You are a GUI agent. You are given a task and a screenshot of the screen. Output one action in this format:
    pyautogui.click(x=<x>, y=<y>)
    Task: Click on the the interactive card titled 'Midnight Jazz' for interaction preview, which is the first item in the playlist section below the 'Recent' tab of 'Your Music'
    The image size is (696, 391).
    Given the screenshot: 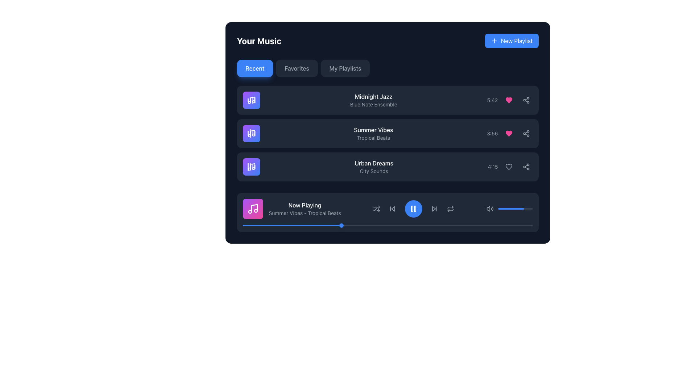 What is the action you would take?
    pyautogui.click(x=387, y=100)
    